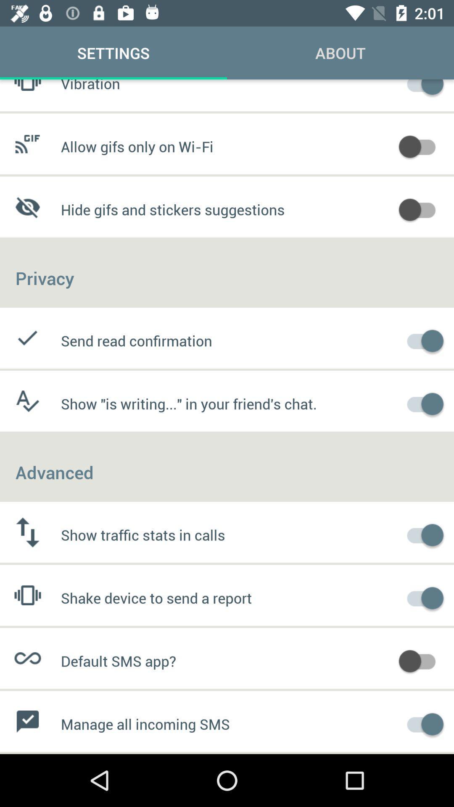  I want to click on press to activate default sms app, so click(421, 659).